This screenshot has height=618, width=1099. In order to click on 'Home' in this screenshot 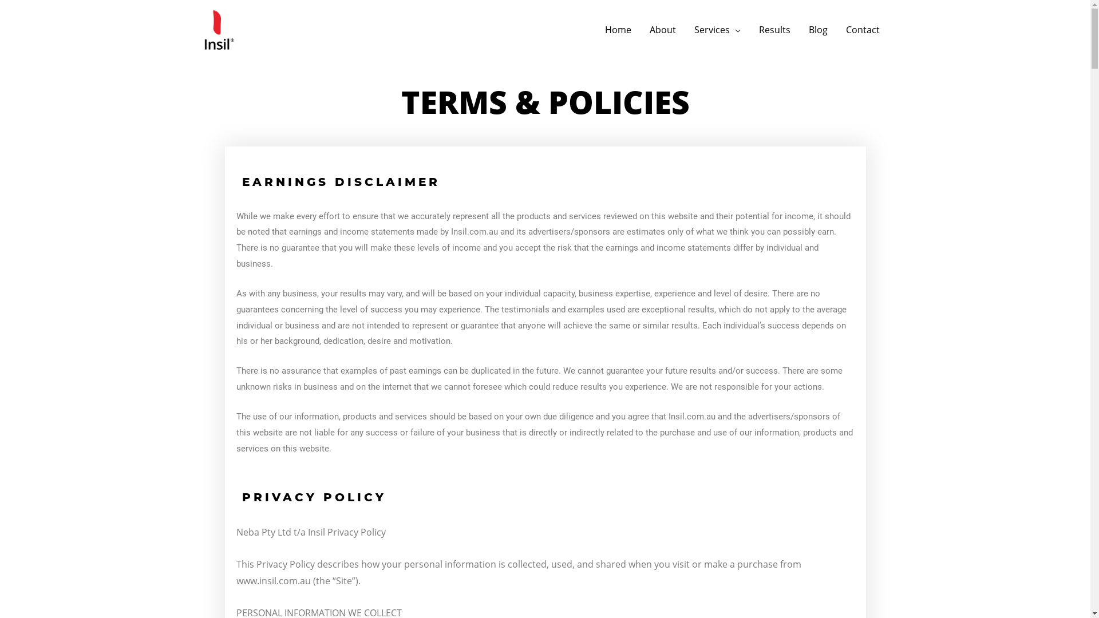, I will do `click(617, 29)`.